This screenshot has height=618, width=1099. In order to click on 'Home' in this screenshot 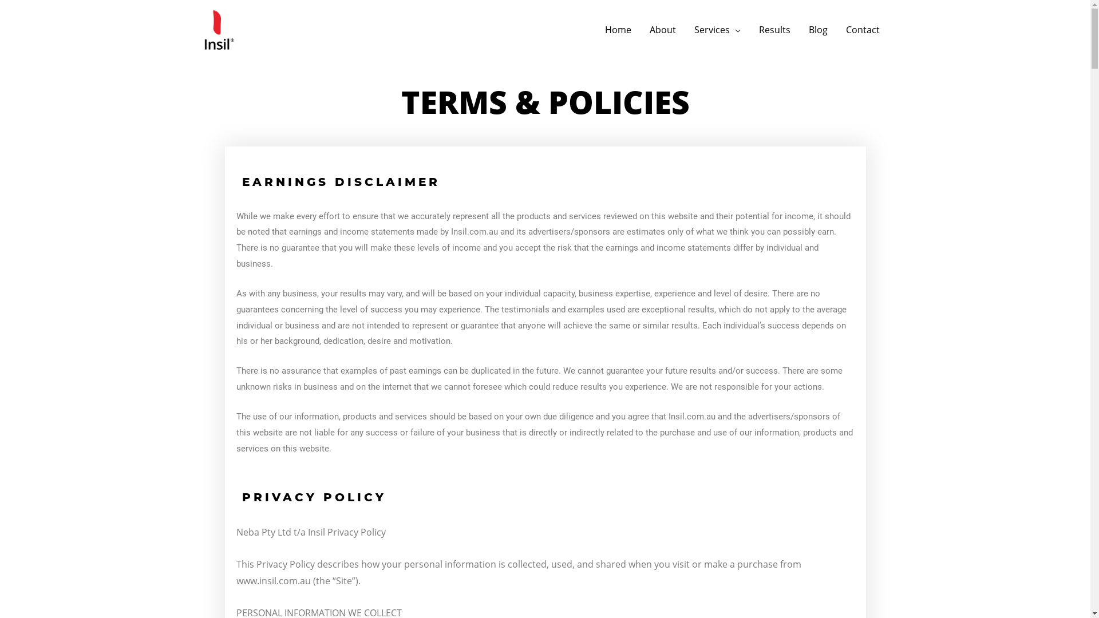, I will do `click(617, 29)`.